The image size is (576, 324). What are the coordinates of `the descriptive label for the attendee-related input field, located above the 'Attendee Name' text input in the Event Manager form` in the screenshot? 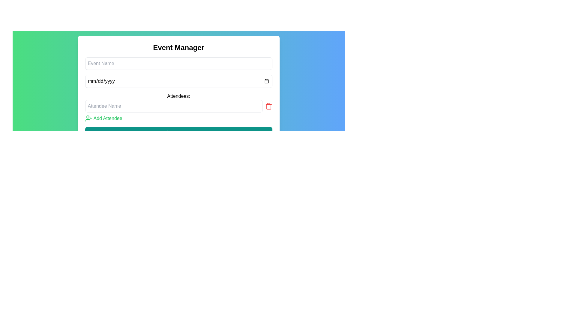 It's located at (178, 98).